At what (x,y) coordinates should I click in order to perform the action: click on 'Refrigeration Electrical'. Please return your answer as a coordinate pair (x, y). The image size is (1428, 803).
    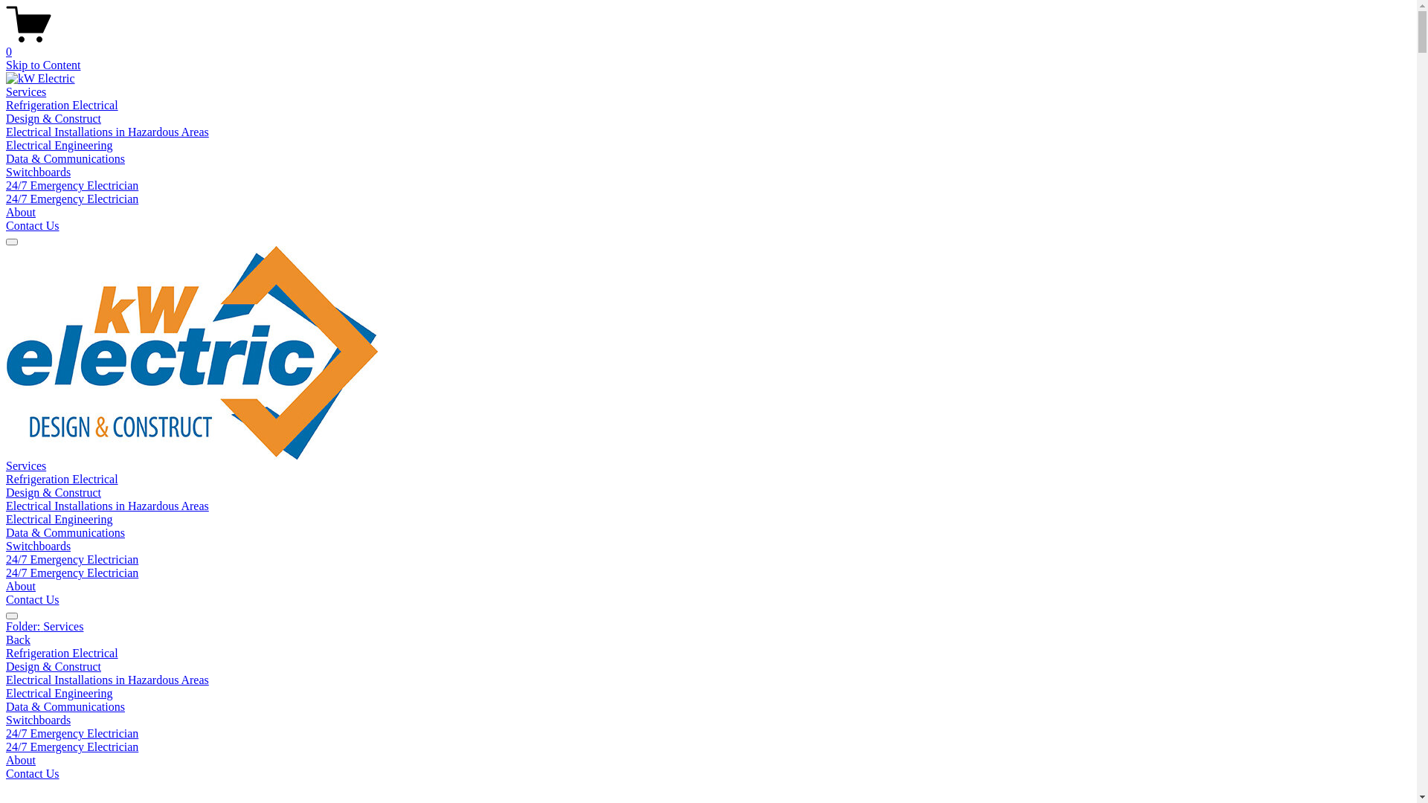
    Looking at the image, I should click on (6, 479).